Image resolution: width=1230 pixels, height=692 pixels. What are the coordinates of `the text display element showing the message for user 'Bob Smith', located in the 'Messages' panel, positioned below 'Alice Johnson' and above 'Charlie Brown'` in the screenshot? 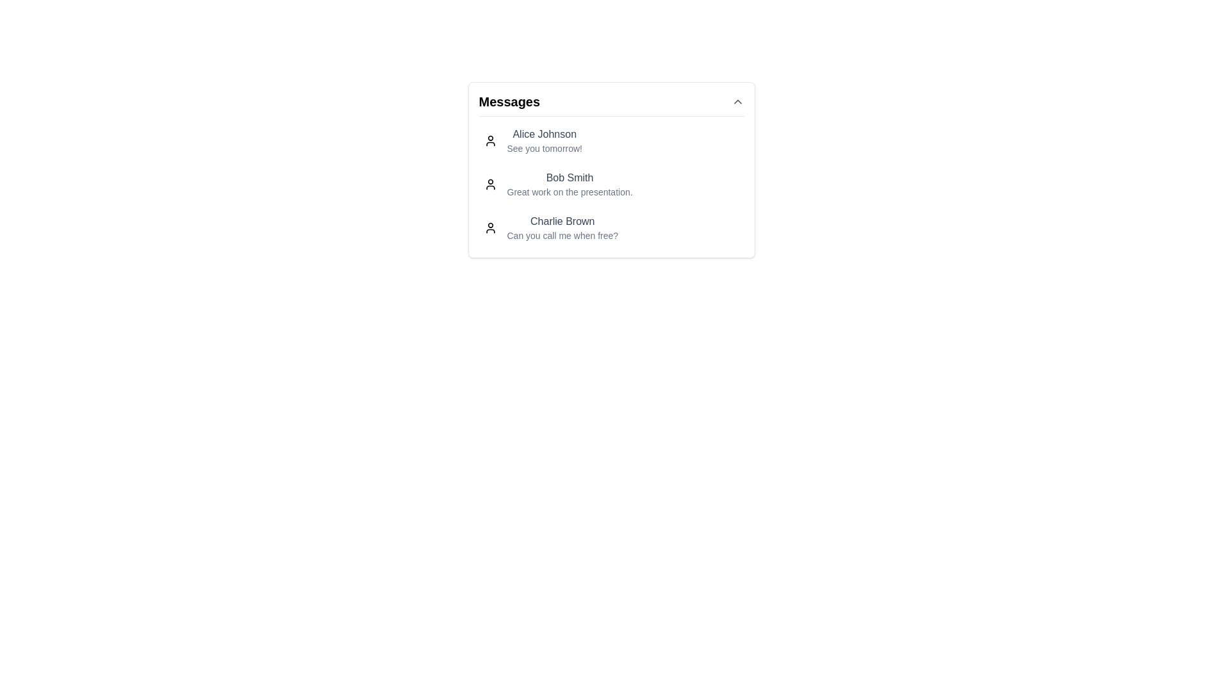 It's located at (569, 185).